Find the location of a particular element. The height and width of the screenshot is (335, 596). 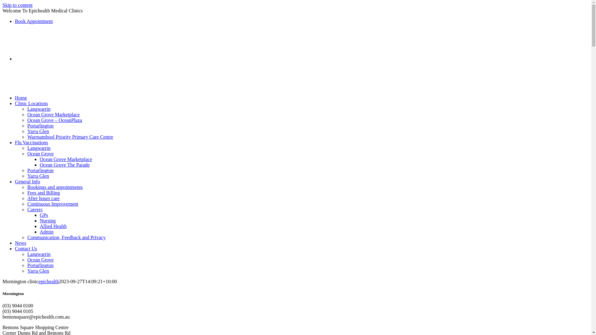

'GPs' is located at coordinates (43, 215).